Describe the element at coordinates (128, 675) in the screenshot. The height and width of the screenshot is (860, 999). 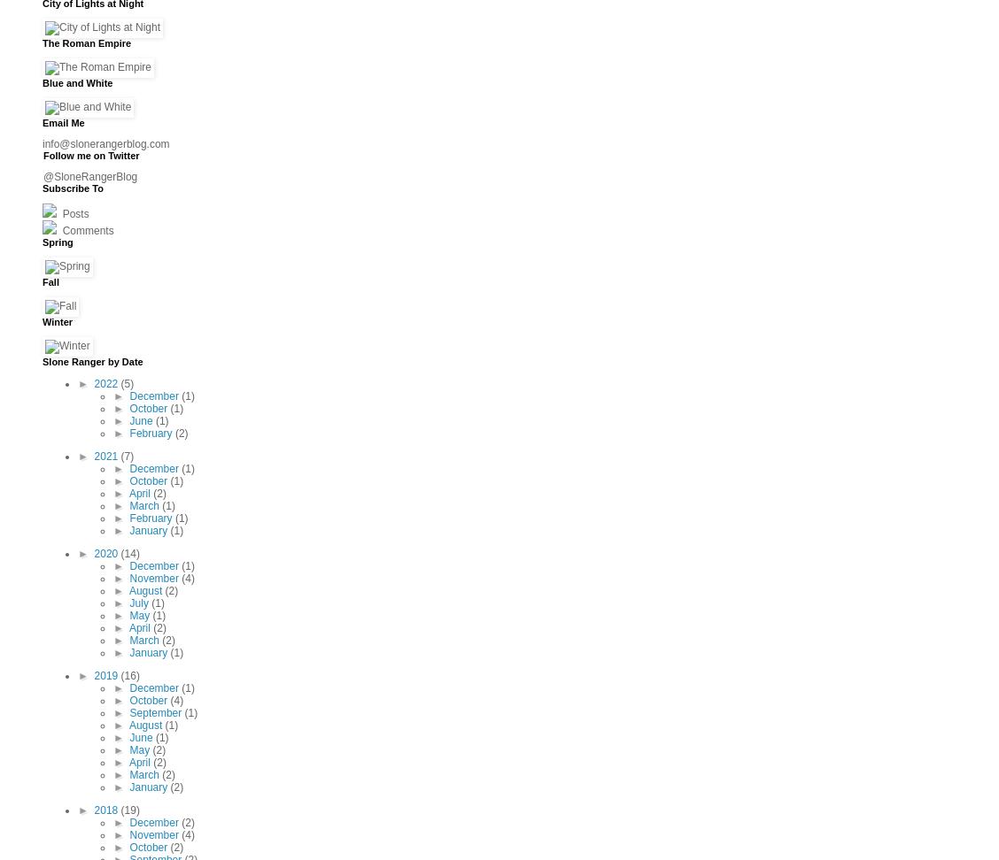
I see `'(16)'` at that location.